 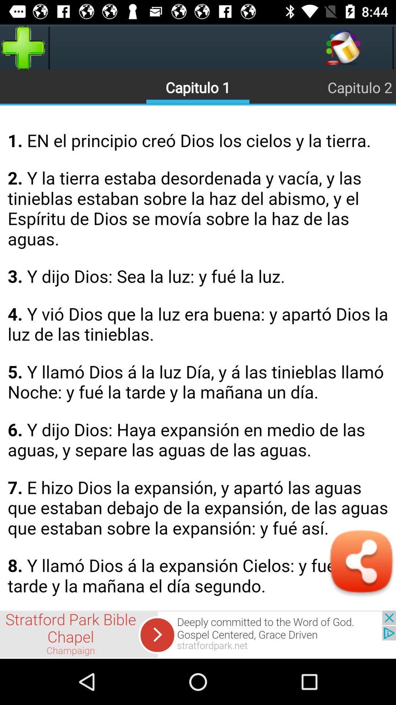 I want to click on the share icon, so click(x=361, y=564).